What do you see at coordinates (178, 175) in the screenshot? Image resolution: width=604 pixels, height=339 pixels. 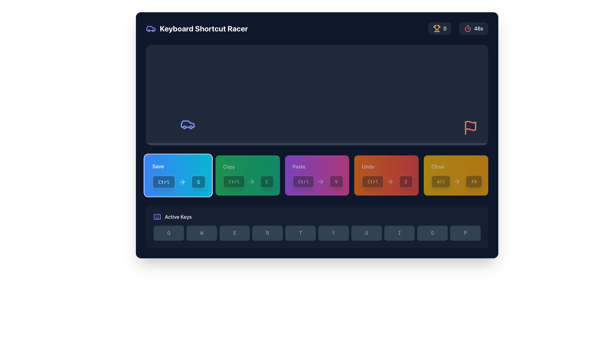 I see `the Visual keyboard shortcut display element that shows 'Save' followed by 'Ctrl → S', which is positioned in the first column of a grid layout, directly to the left of 'Copy Ctrl → C' and above the 'Active Keys' section` at bounding box center [178, 175].